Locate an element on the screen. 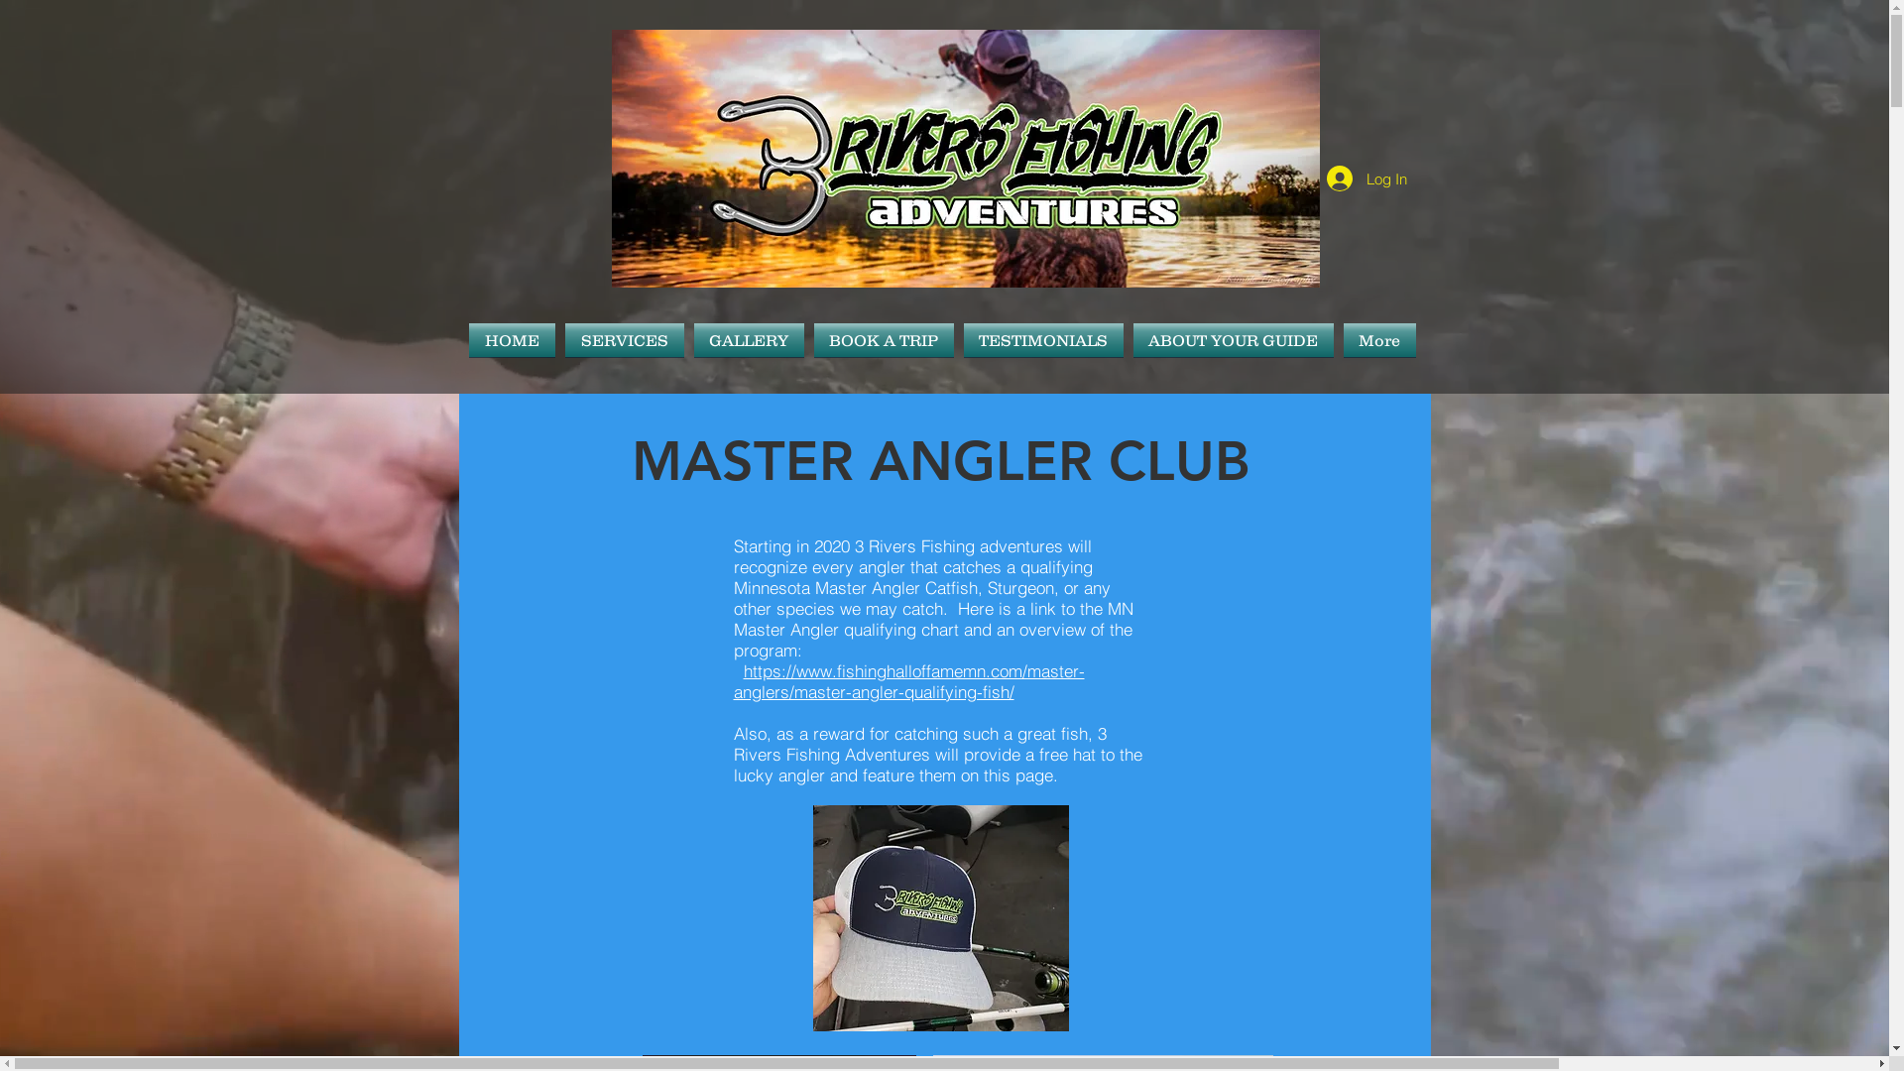 The image size is (1904, 1071). 'TESTIMONIALS' is located at coordinates (1041, 339).